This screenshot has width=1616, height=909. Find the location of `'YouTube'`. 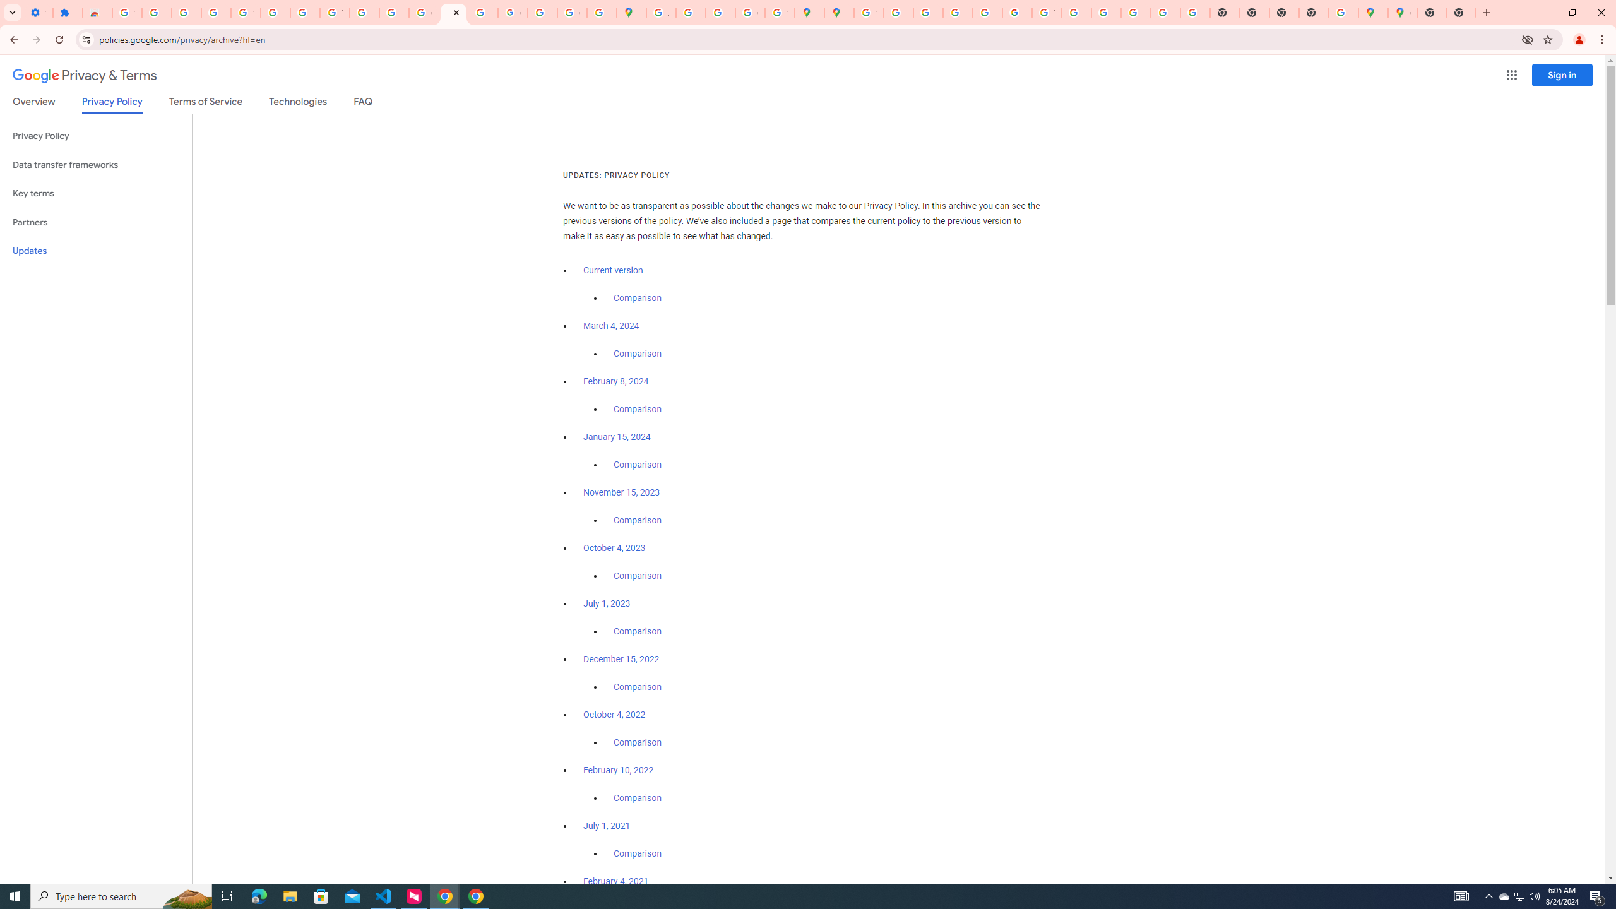

'YouTube' is located at coordinates (1047, 12).